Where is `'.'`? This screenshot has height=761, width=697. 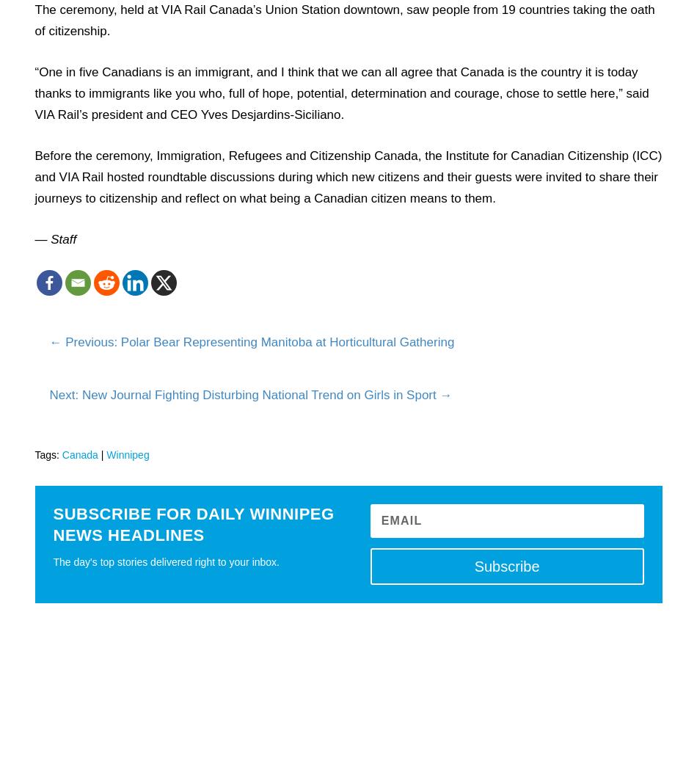
'.' is located at coordinates (341, 113).